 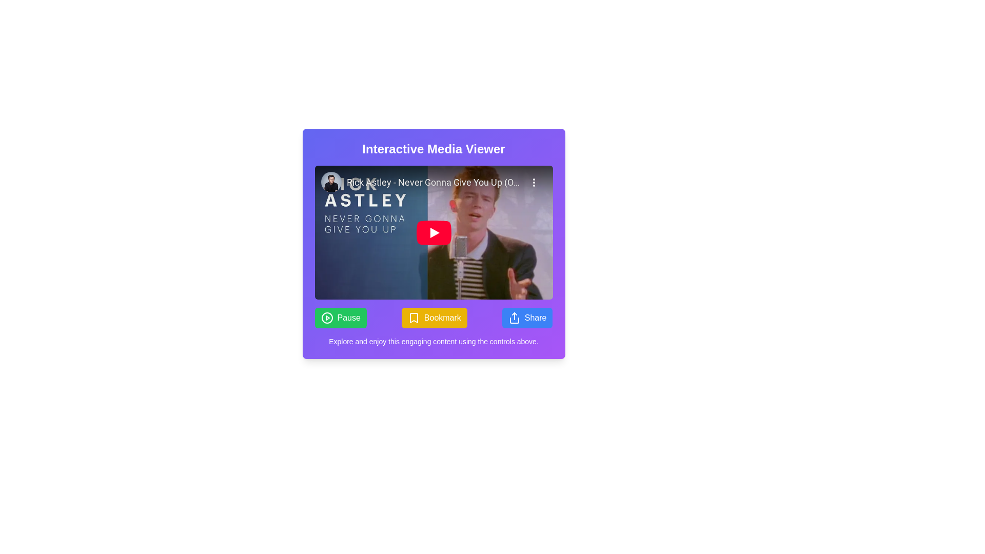 What do you see at coordinates (326, 318) in the screenshot?
I see `the circular SVG element that represents the border of the 'Pause' button located in the bottom-left corner of the media viewer interface` at bounding box center [326, 318].